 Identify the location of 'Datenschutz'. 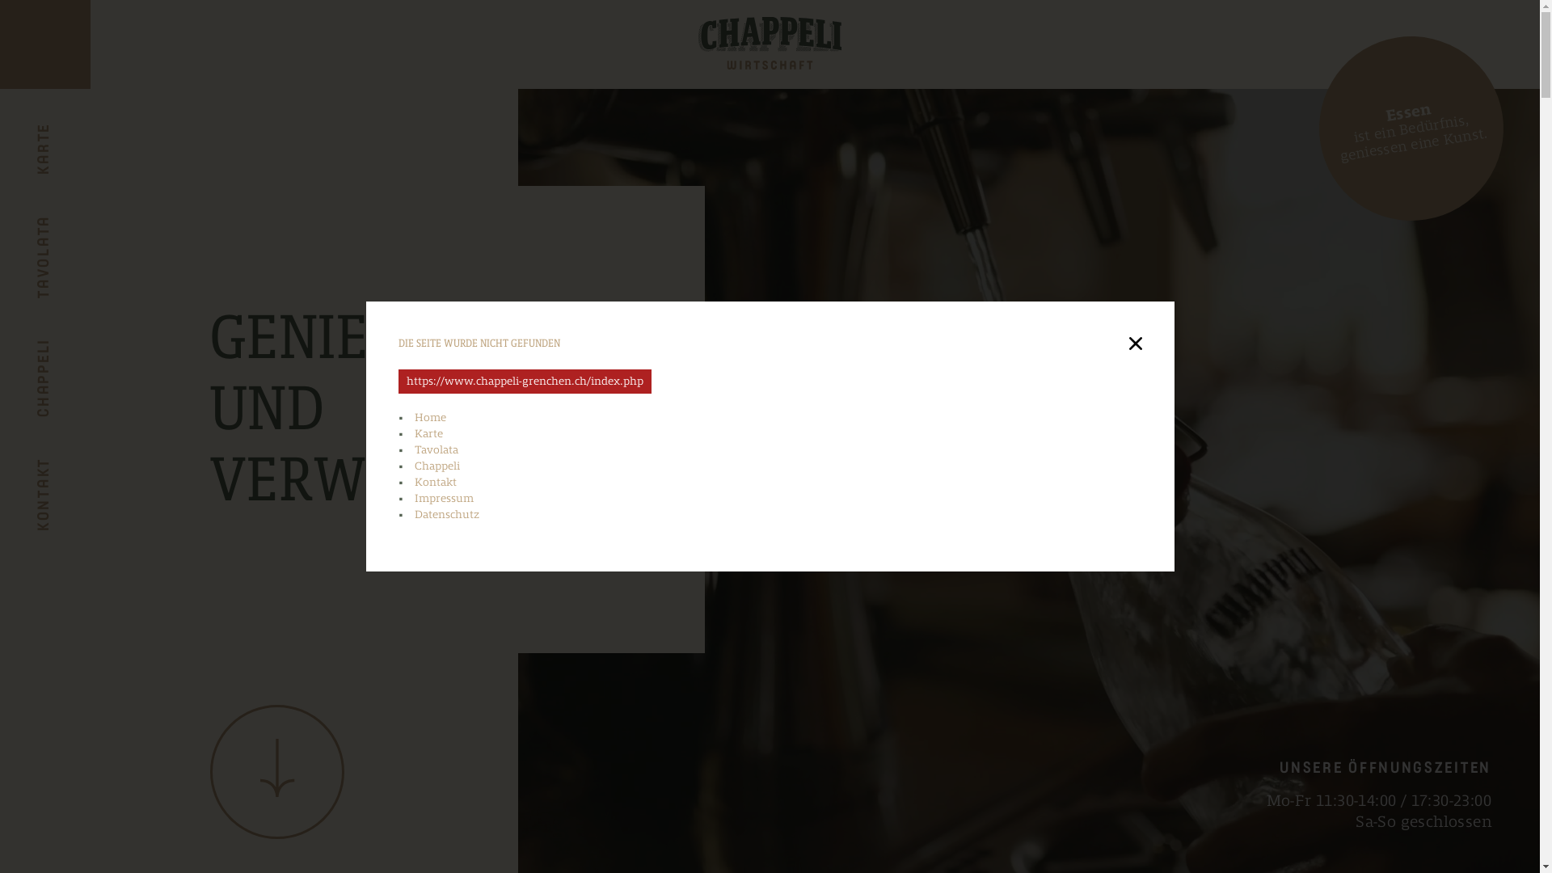
(446, 514).